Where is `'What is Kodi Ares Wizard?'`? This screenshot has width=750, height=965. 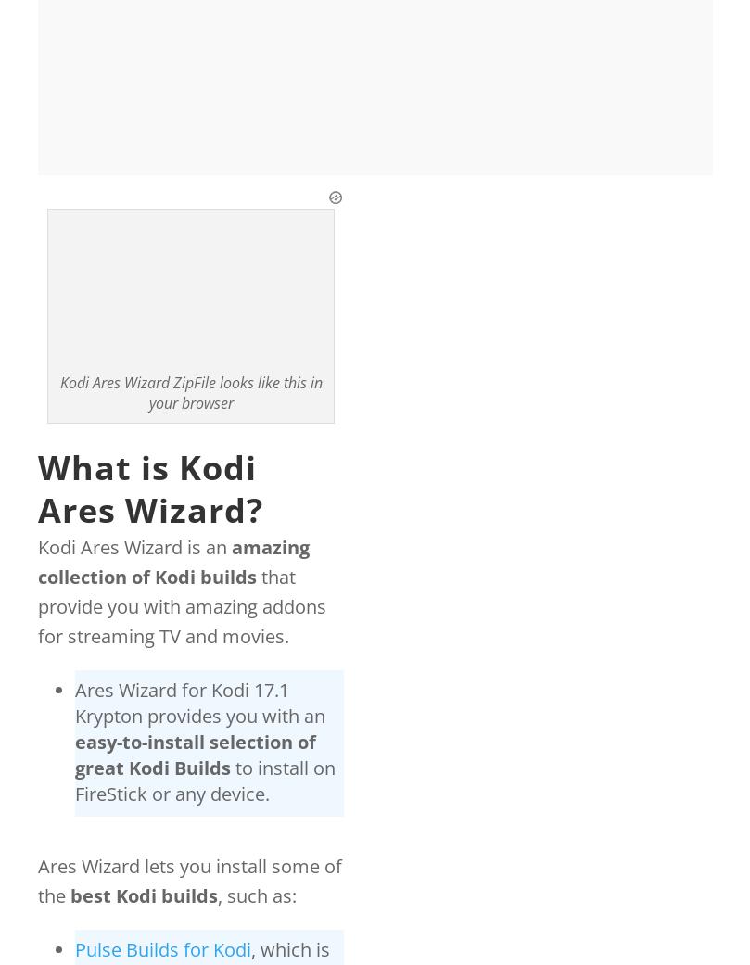 'What is Kodi Ares Wizard?' is located at coordinates (38, 488).